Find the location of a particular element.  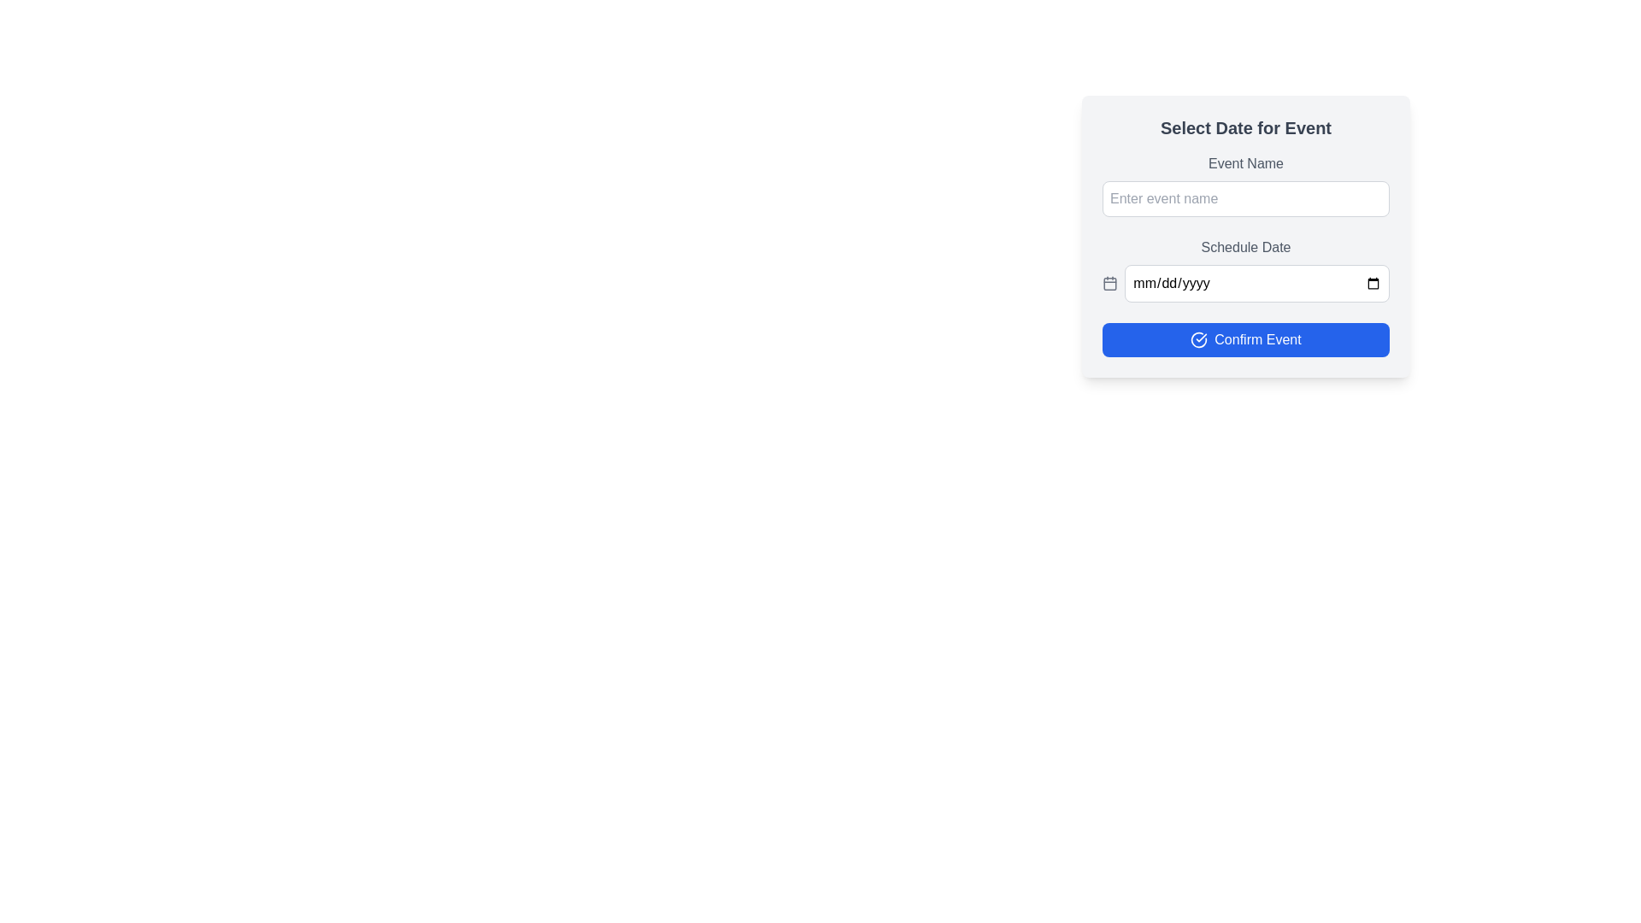

the decorative calendar icon located to the left of the 'mm/dd/yyyy' input field under the 'Schedule Date' label is located at coordinates (1110, 283).